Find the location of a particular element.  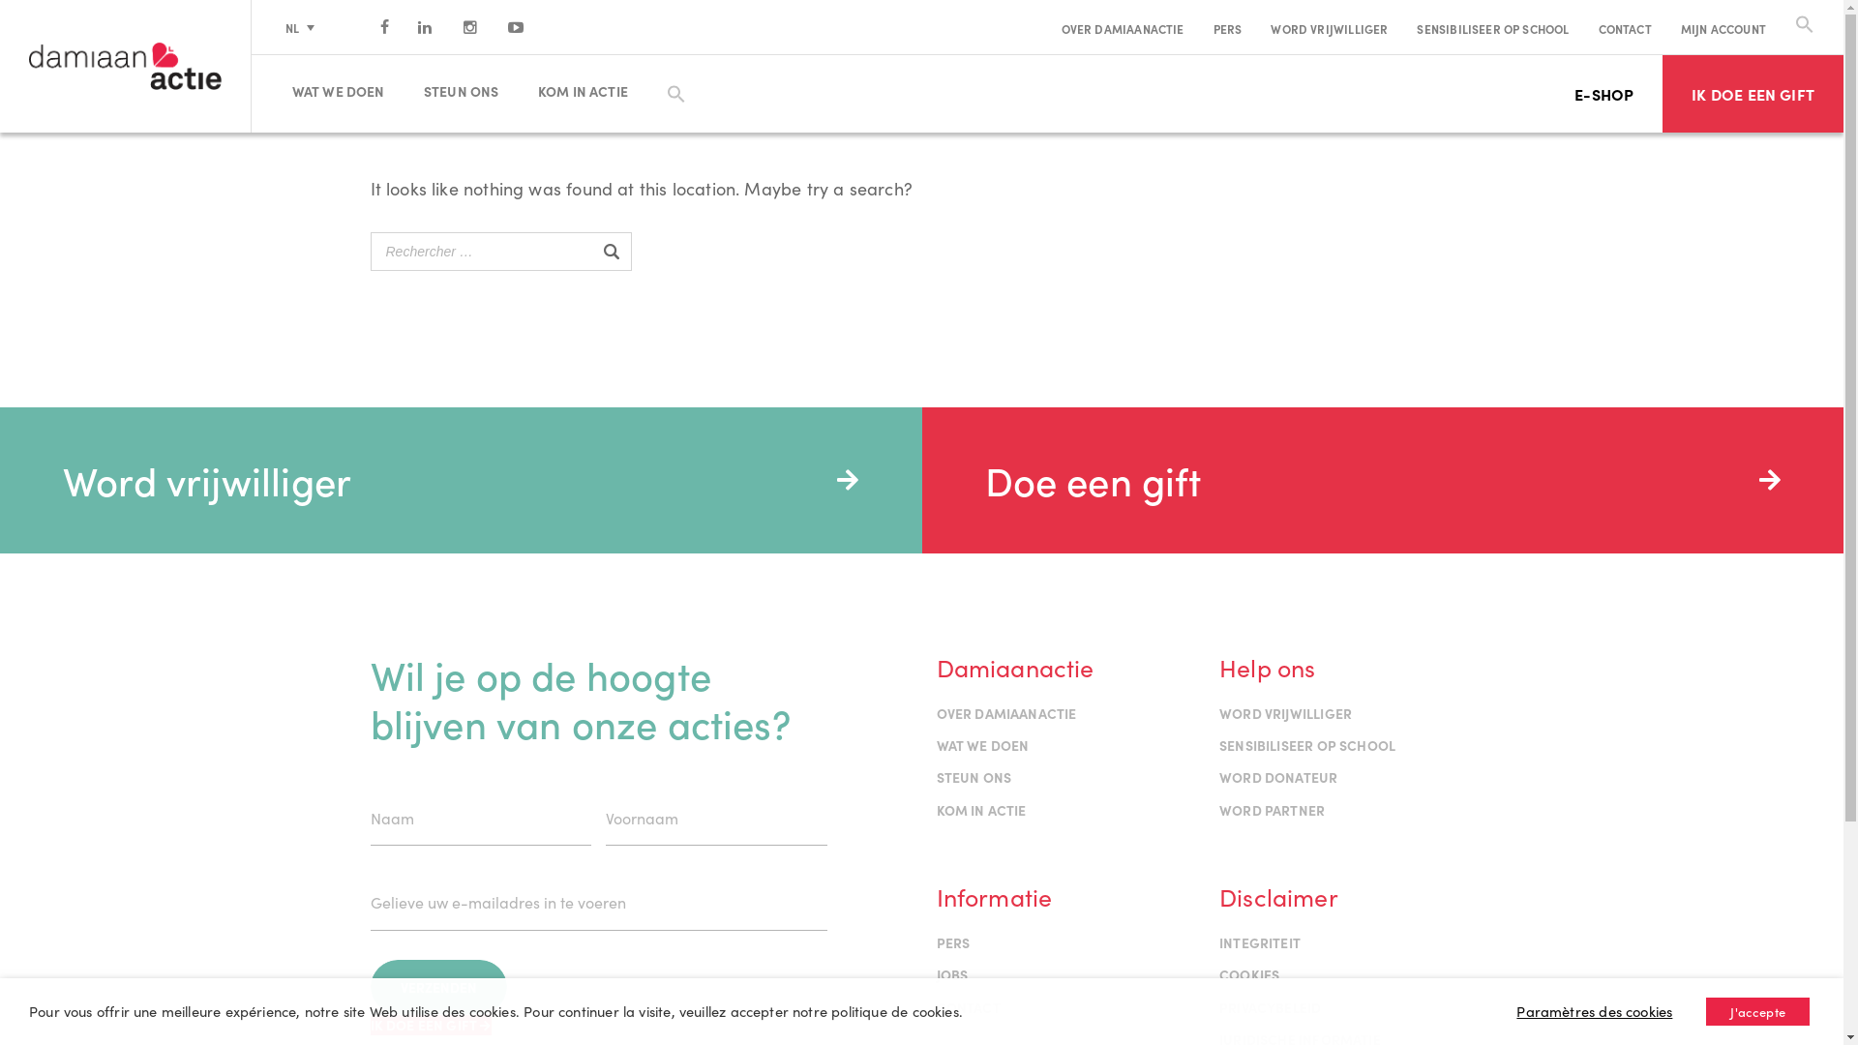

'PERS' is located at coordinates (1226, 28).